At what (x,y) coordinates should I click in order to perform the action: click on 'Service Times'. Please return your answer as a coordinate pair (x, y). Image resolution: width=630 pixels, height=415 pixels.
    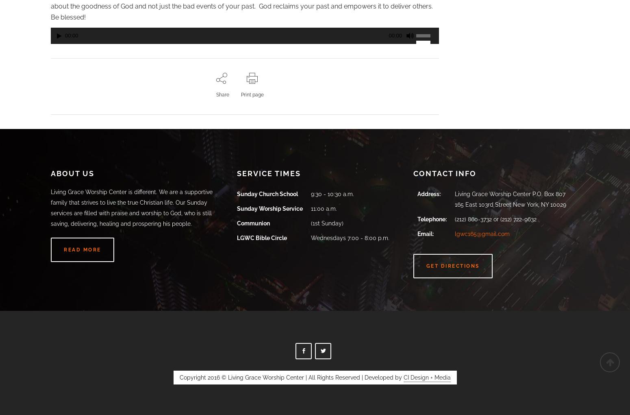
    Looking at the image, I should click on (268, 173).